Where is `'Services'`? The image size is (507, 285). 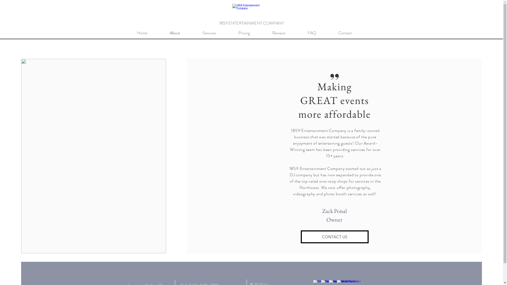
'Services' is located at coordinates (217, 33).